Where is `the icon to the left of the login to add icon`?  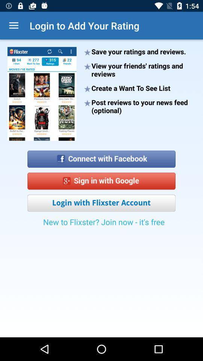
the icon to the left of the login to add icon is located at coordinates (14, 26).